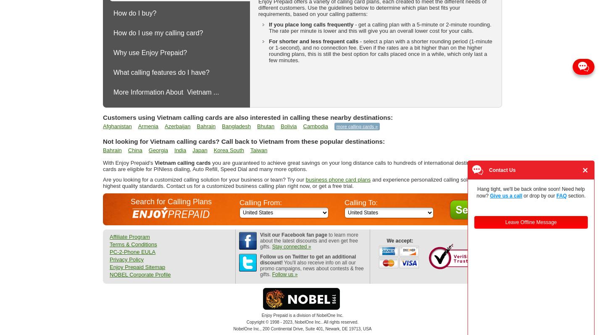 This screenshot has height=335, width=605. Describe the element at coordinates (239, 203) in the screenshot. I see `'Calling From:'` at that location.